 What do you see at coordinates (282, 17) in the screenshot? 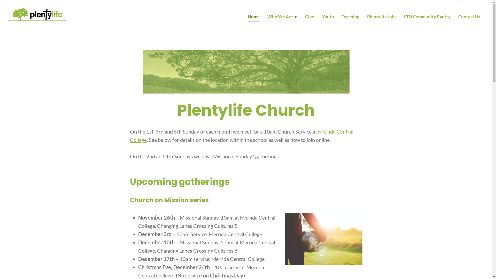
I see `'Who We Are'` at bounding box center [282, 17].